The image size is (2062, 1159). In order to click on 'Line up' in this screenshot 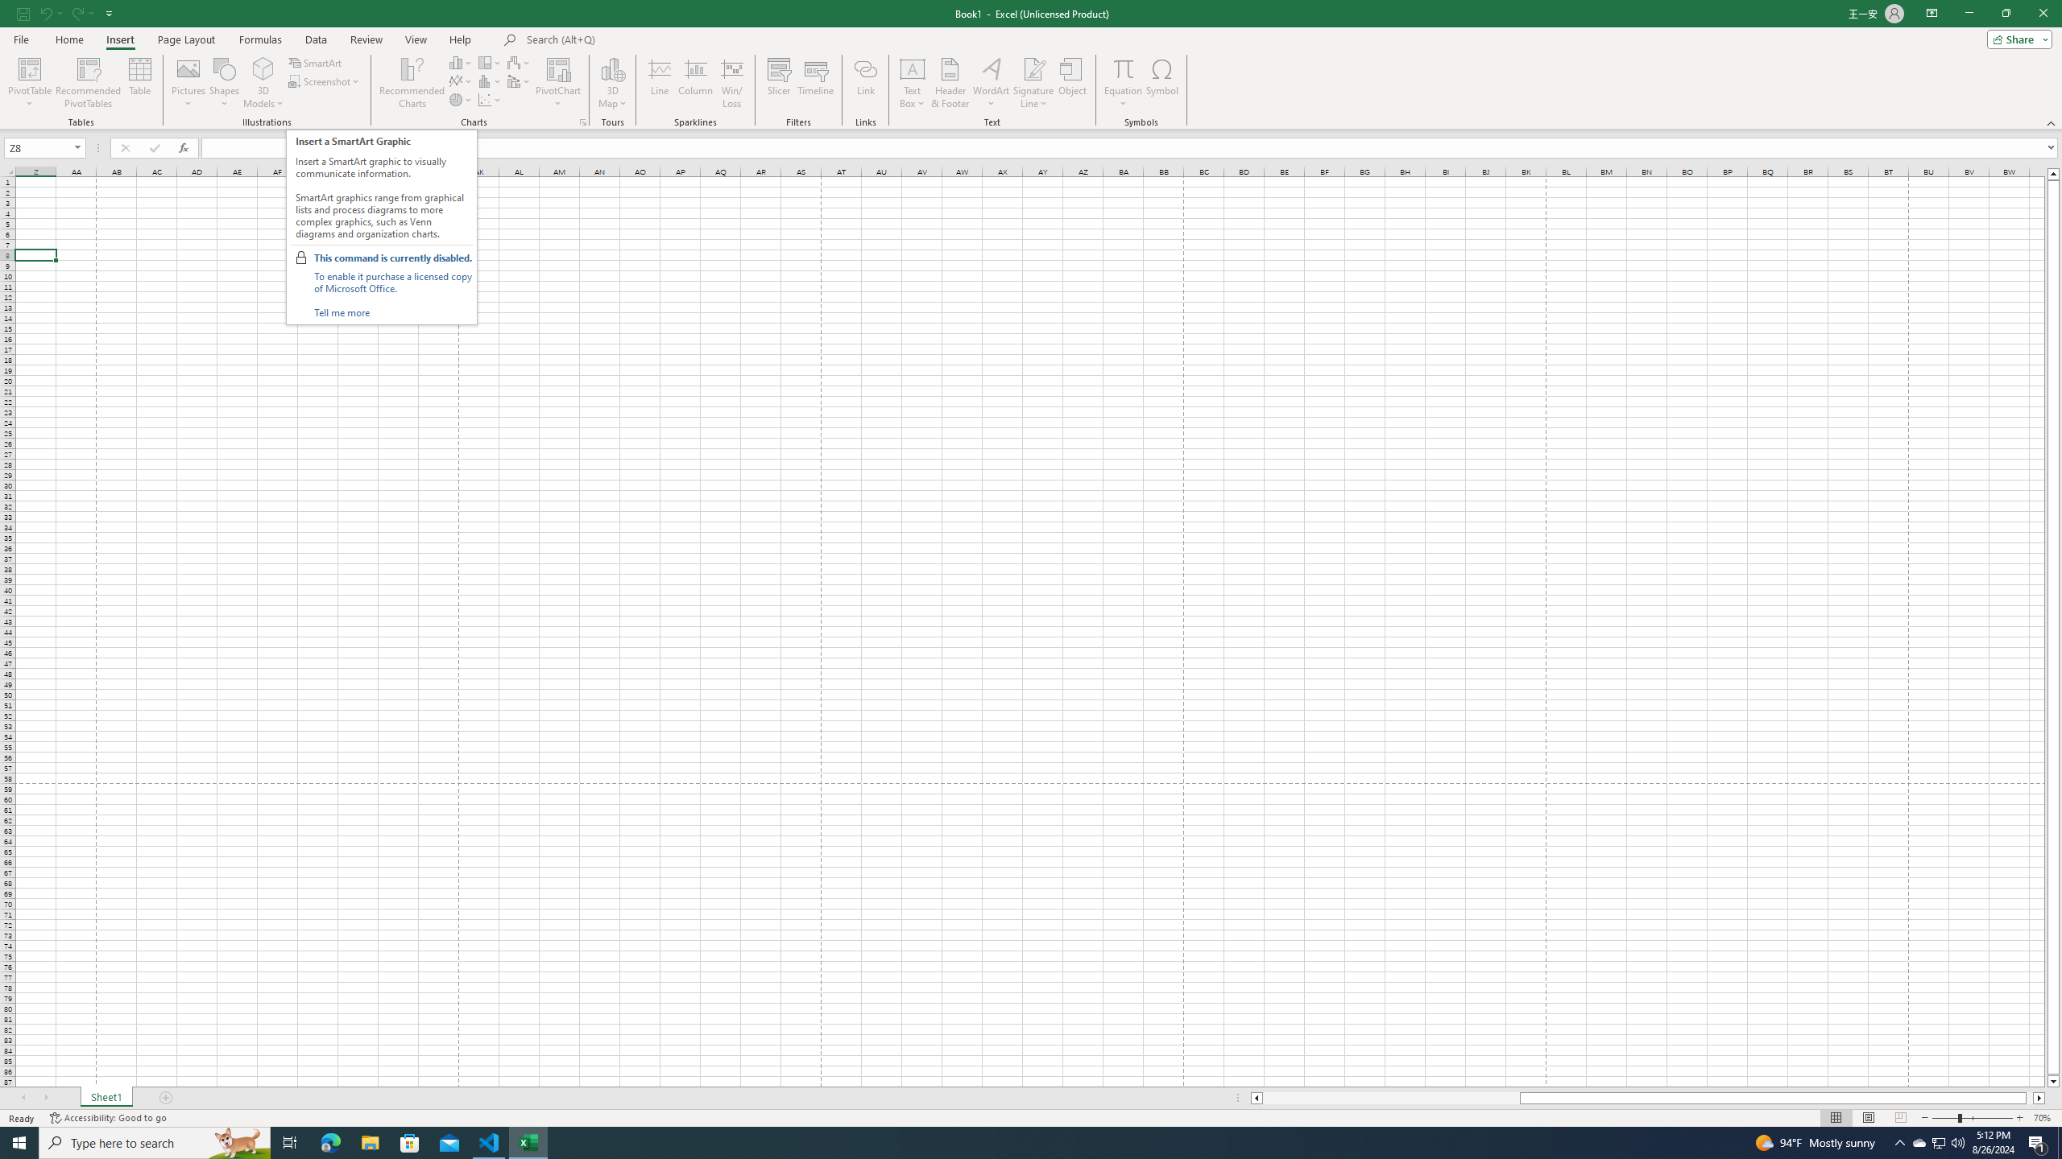, I will do `click(2052, 173)`.